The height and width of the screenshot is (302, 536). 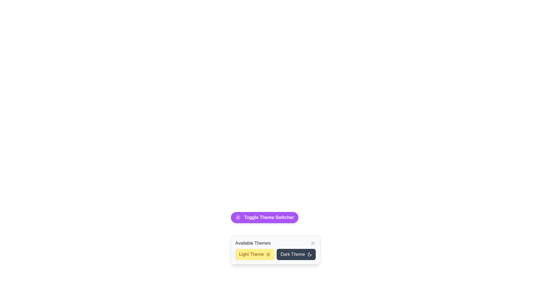 What do you see at coordinates (268, 254) in the screenshot?
I see `the sun icon within the 'Light Theme' button in the 'Available Themes' section` at bounding box center [268, 254].